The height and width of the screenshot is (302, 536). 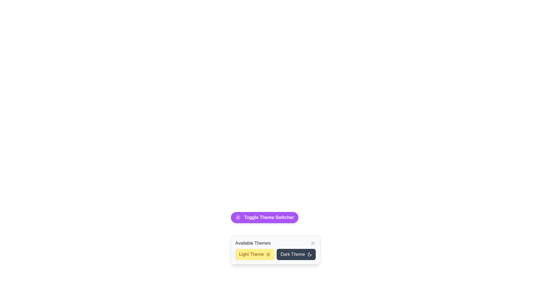 What do you see at coordinates (268, 254) in the screenshot?
I see `the sun icon within the 'Light Theme' button in the 'Available Themes' section` at bounding box center [268, 254].